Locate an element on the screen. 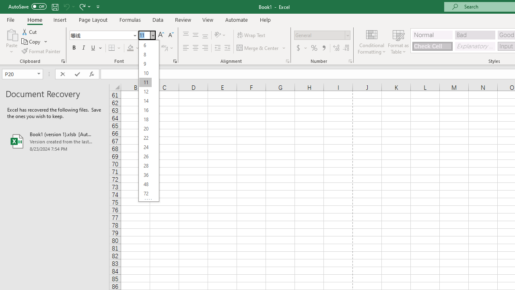 The height and width of the screenshot is (290, 515). 'Book1 (version 1).xlsb  [AutoRecovered]' is located at coordinates (54, 141).